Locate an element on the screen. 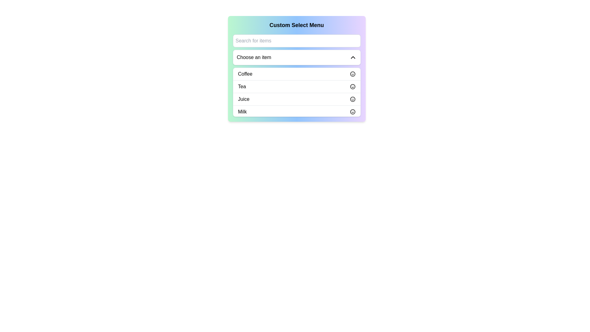 The height and width of the screenshot is (332, 590). the smiley face icon next to the 'Juice' menu item is located at coordinates (352, 99).